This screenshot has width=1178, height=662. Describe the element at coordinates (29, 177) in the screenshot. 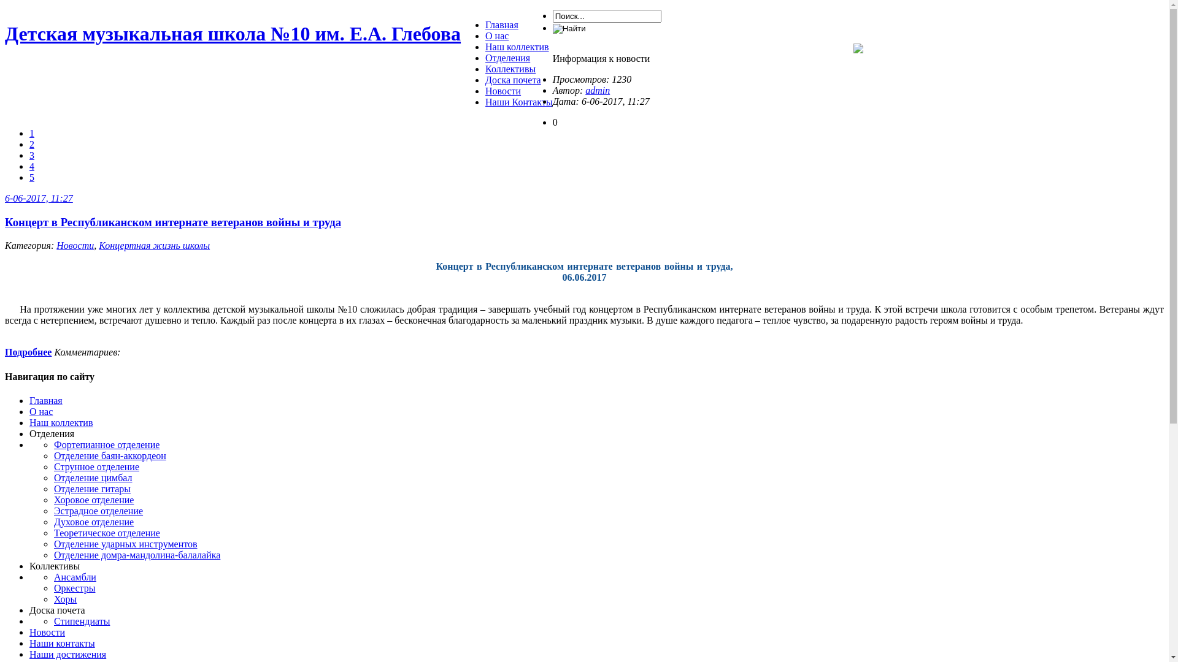

I see `'5'` at that location.